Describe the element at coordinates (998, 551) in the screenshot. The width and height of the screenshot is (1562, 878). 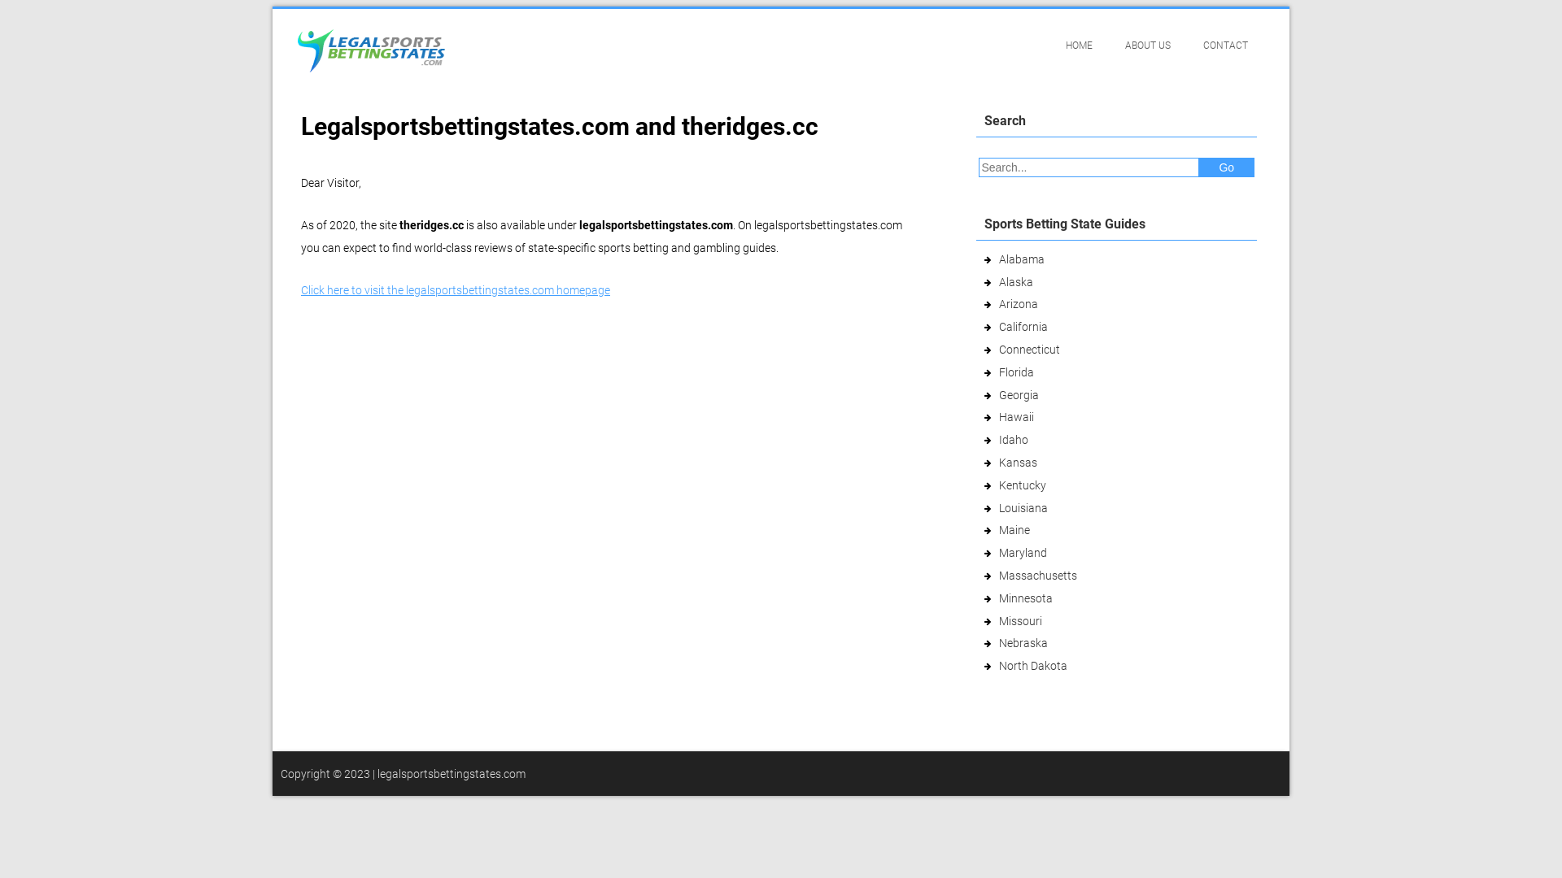
I see `'Maryland'` at that location.